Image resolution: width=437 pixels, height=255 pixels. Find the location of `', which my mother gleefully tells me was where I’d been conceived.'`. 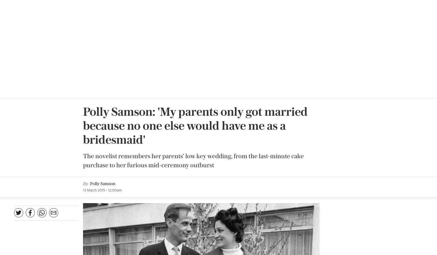

', which my mother gleefully tells me was where I’d been conceived.' is located at coordinates (82, 104).